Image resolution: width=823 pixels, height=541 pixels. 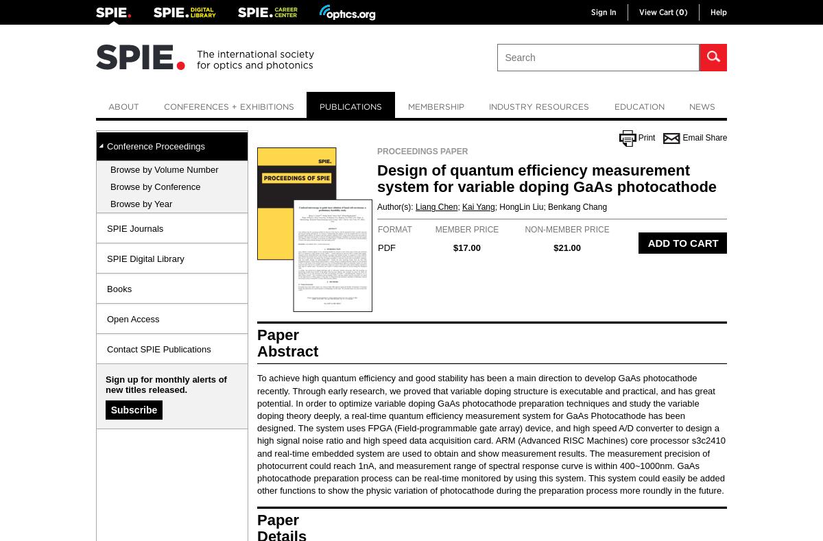 I want to click on 'Browse by Year', so click(x=141, y=204).